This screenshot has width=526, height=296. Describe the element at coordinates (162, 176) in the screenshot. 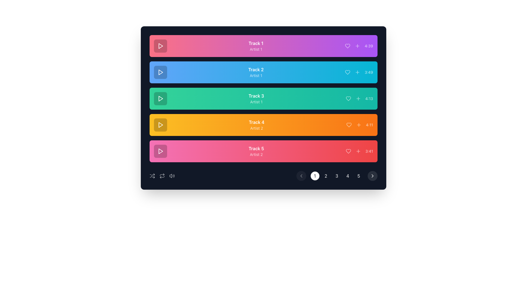

I see `the repeat action button, which is represented by a circular arrow icon located in the bottom toolbar` at that location.